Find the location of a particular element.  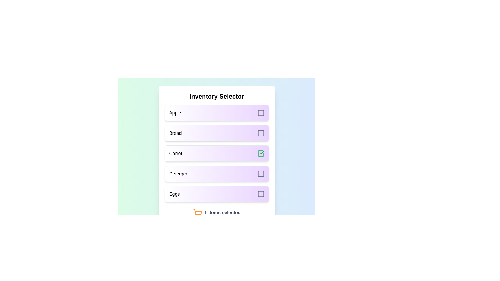

the list item Bread is located at coordinates (217, 133).